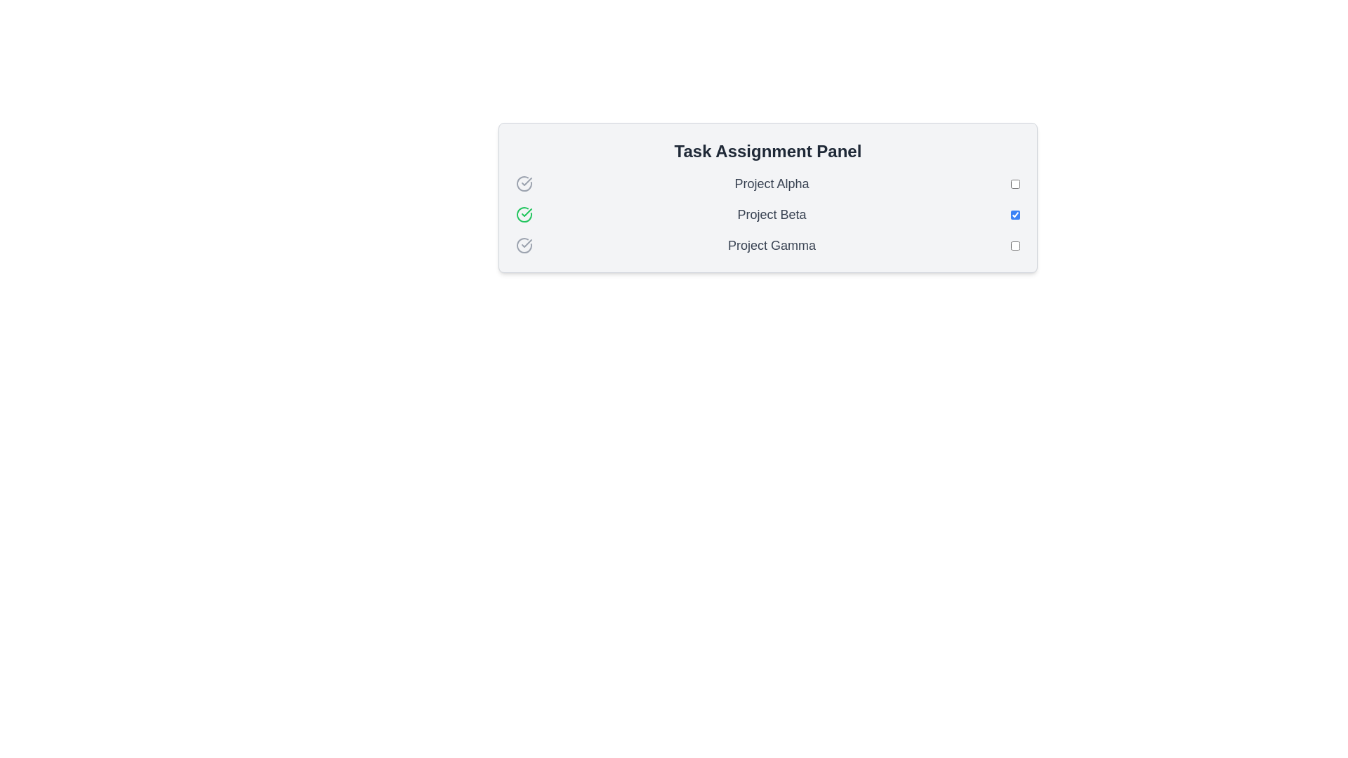 The image size is (1348, 758). What do you see at coordinates (1015, 214) in the screenshot?
I see `the standard blue-accented checkbox positioned to the right of the 'Project Beta' label` at bounding box center [1015, 214].